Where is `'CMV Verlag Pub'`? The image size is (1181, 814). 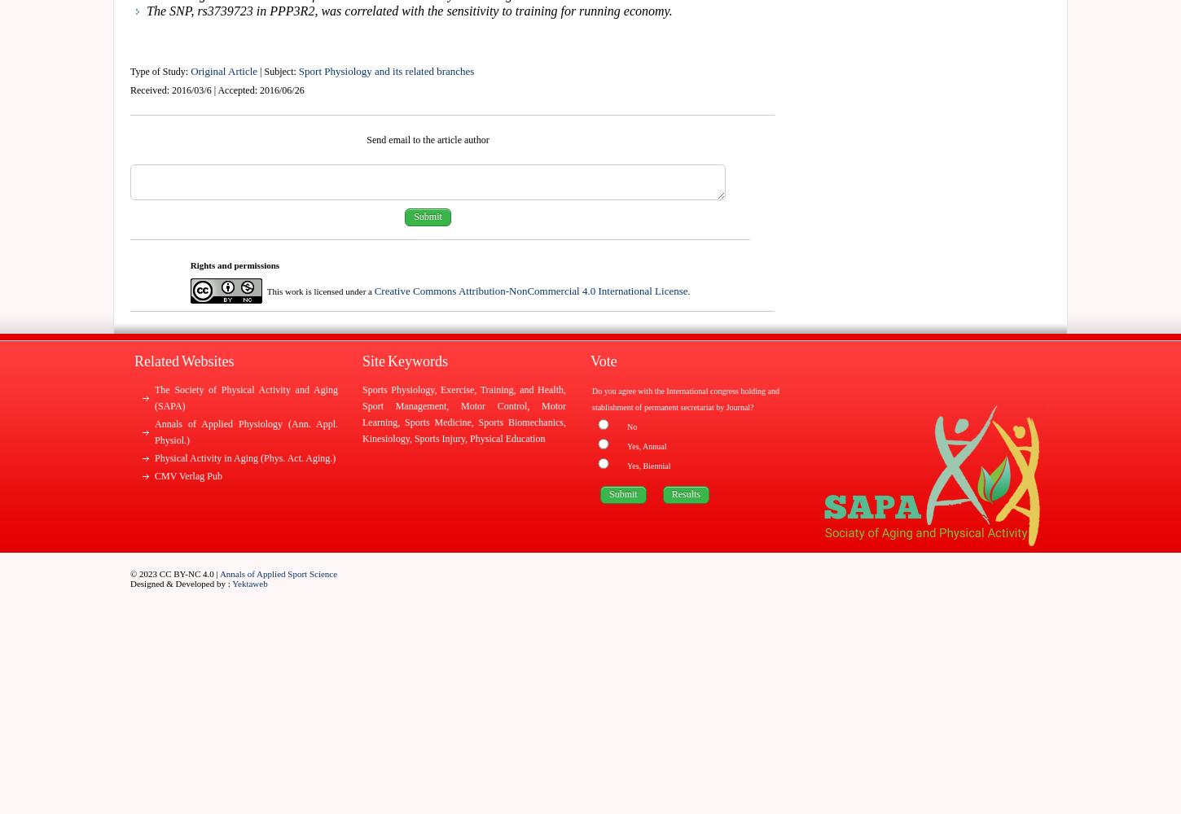 'CMV Verlag Pub' is located at coordinates (187, 475).